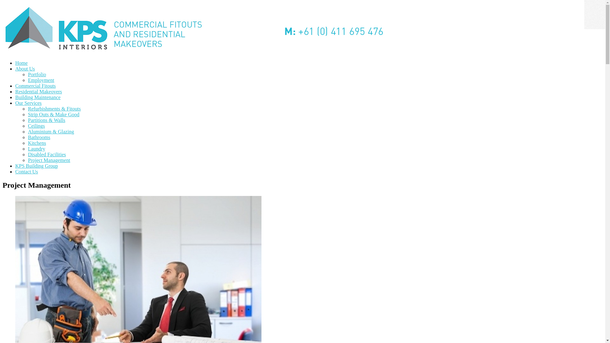 This screenshot has width=610, height=343. I want to click on 'Contact Us', so click(15, 171).